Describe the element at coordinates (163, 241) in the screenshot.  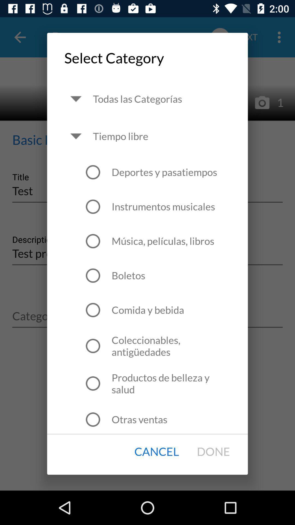
I see `the icon above the boletos item` at that location.